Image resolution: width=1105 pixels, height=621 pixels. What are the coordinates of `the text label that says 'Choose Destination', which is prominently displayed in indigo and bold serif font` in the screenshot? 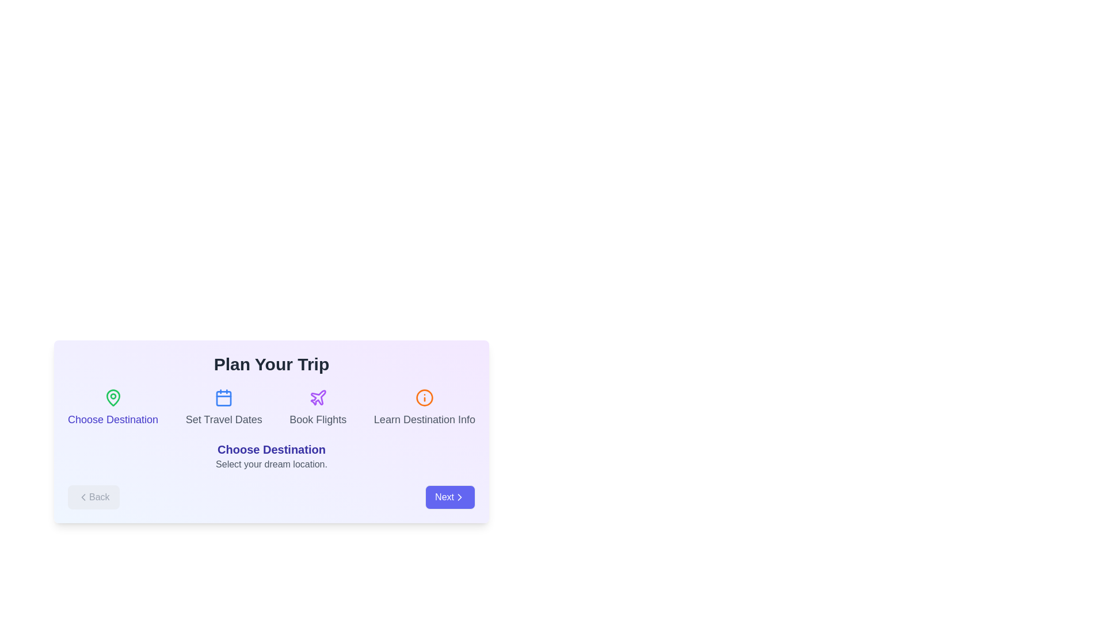 It's located at (270, 449).